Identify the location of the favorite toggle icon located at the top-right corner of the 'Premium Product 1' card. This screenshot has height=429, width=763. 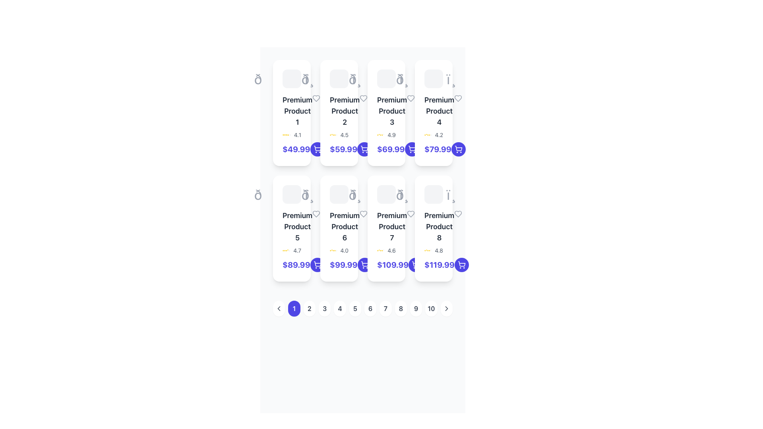
(316, 98).